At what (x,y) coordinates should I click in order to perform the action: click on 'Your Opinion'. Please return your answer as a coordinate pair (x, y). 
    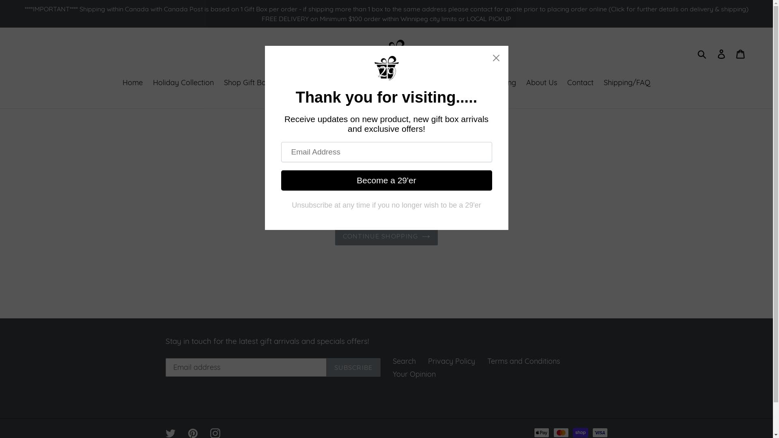
    Looking at the image, I should click on (414, 374).